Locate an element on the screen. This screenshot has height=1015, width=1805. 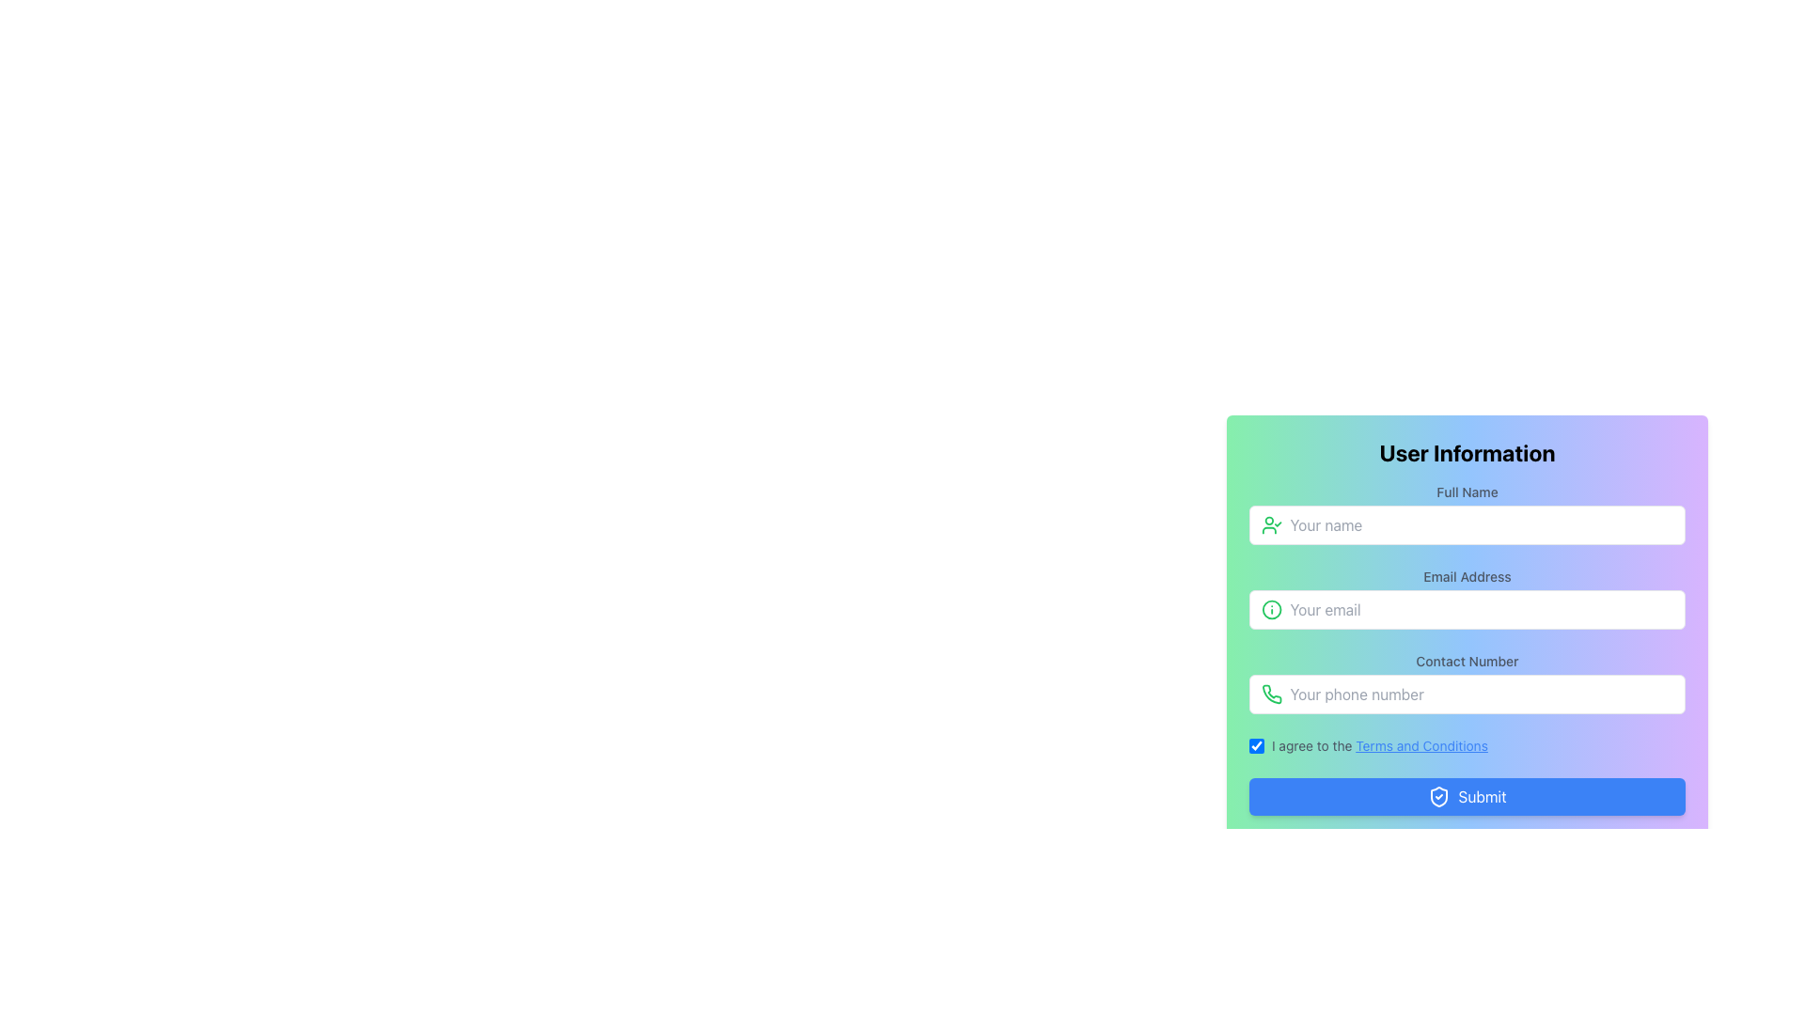
the informative text label indicating the expected email address input in the 'User Information' form layout, located between the 'Full Name' and 'Contact Number' labels is located at coordinates (1466, 575).